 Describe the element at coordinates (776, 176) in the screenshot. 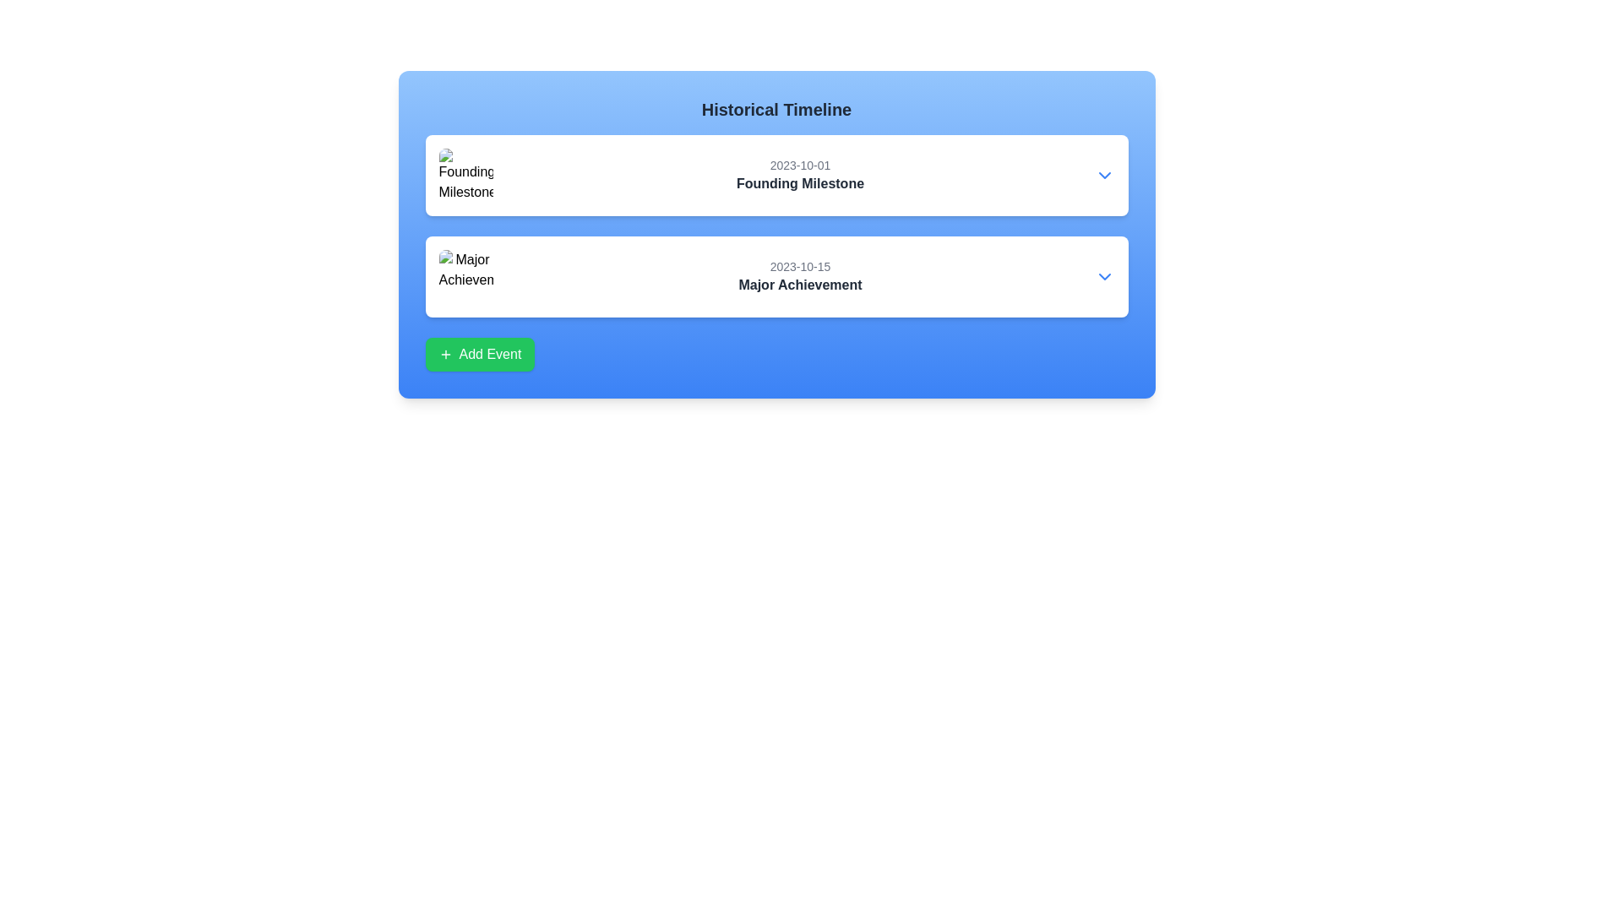

I see `the Text Display element that presents a specific milestone with its associated date, located in the upper section of the first card under the heading 'Historical Timeline'` at that location.